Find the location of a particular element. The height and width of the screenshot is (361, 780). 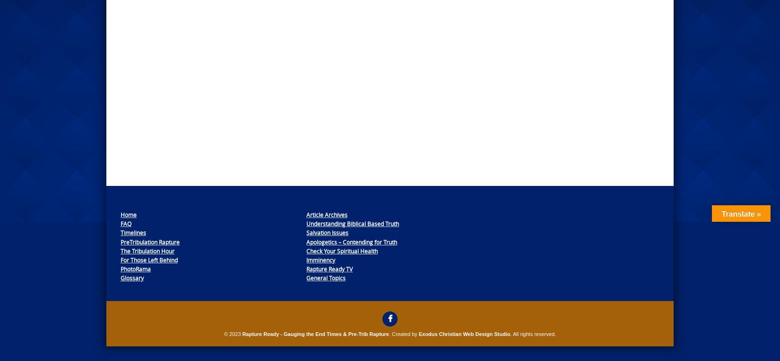

'Translate »' is located at coordinates (720, 213).